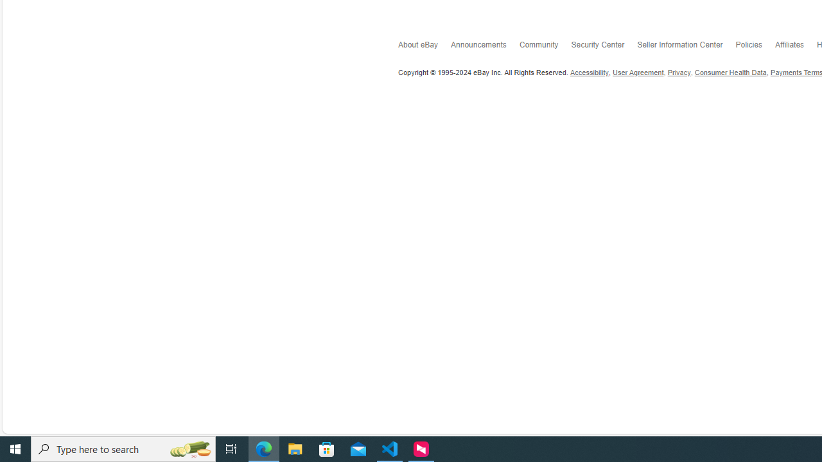  What do you see at coordinates (755, 46) in the screenshot?
I see `'Policies'` at bounding box center [755, 46].